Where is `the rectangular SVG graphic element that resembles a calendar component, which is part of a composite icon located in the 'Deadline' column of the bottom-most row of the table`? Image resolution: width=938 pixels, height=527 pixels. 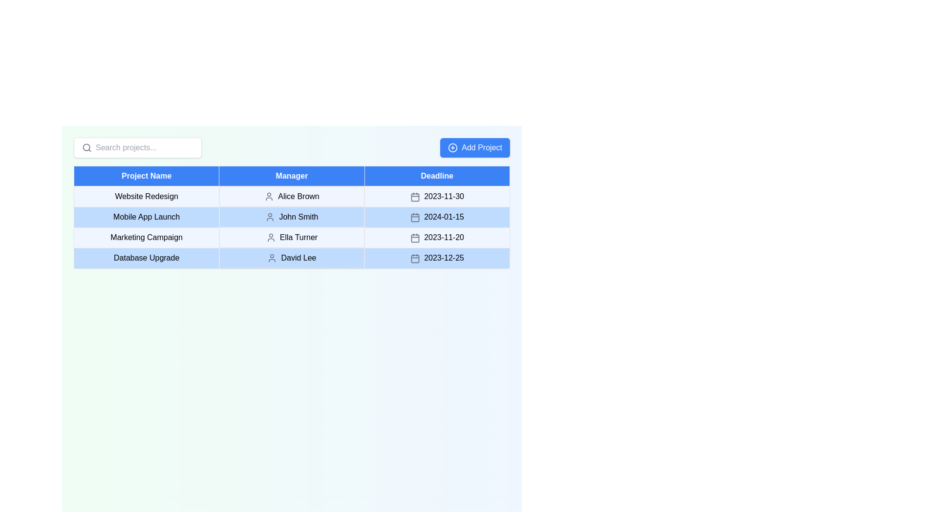 the rectangular SVG graphic element that resembles a calendar component, which is part of a composite icon located in the 'Deadline' column of the bottom-most row of the table is located at coordinates (415, 258).